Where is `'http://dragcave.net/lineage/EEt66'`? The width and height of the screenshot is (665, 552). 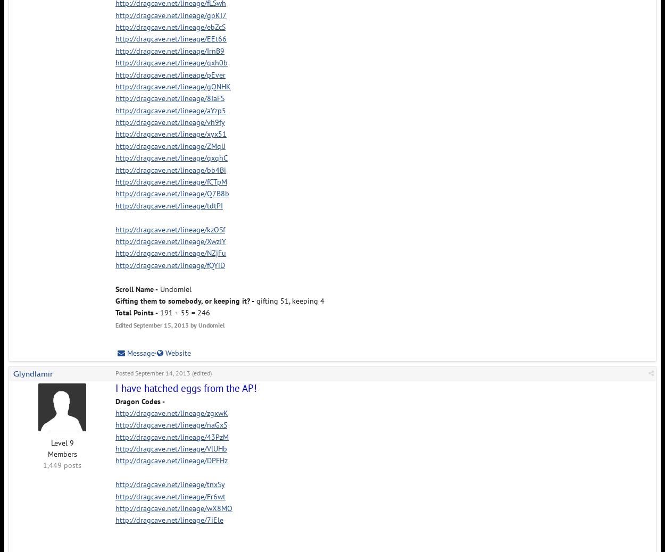
'http://dragcave.net/lineage/EEt66' is located at coordinates (170, 38).